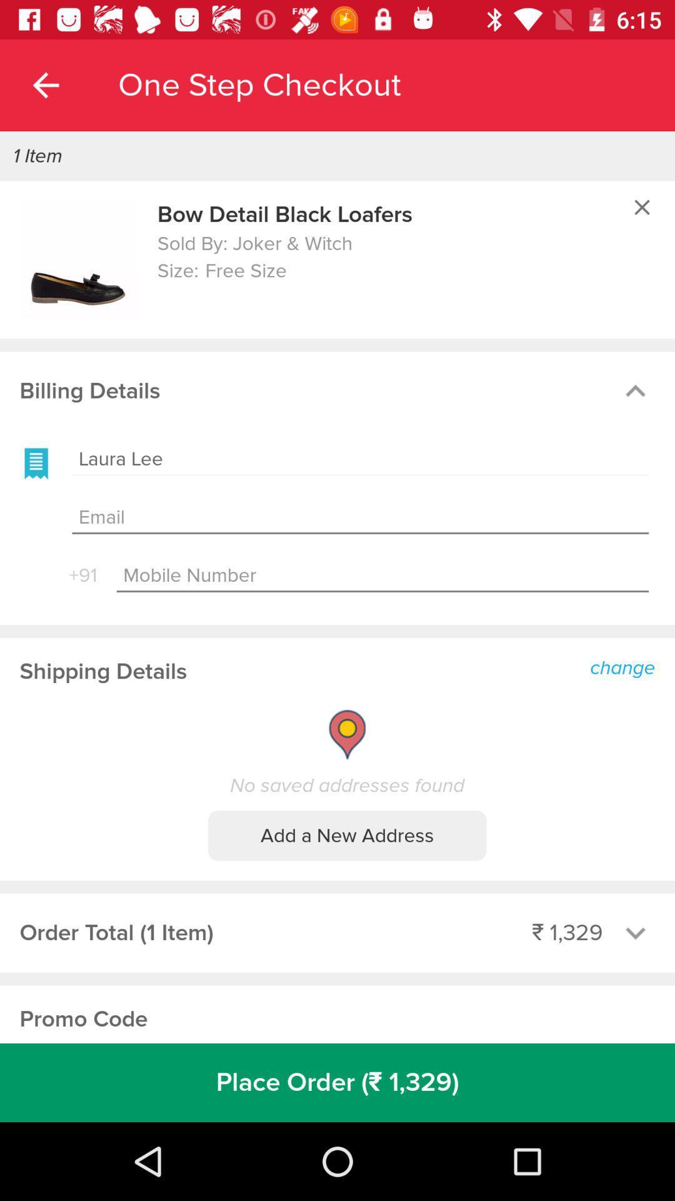  What do you see at coordinates (45, 84) in the screenshot?
I see `the app to the left of one step checkout app` at bounding box center [45, 84].